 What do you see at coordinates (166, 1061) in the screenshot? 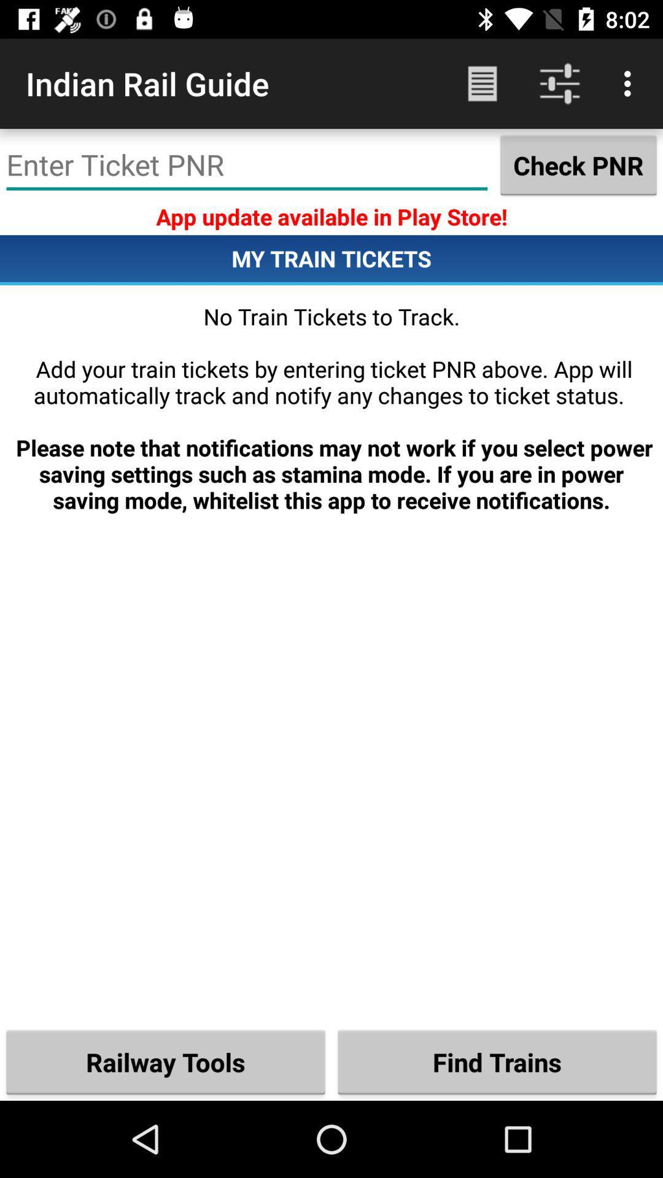
I see `the icon to the left of find trains icon` at bounding box center [166, 1061].